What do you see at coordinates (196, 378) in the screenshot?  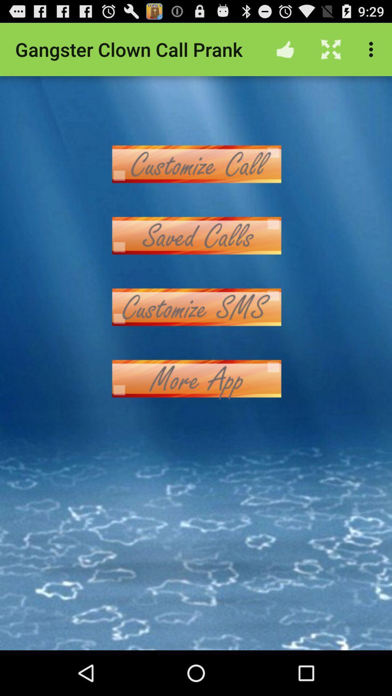 I see `open more app` at bounding box center [196, 378].